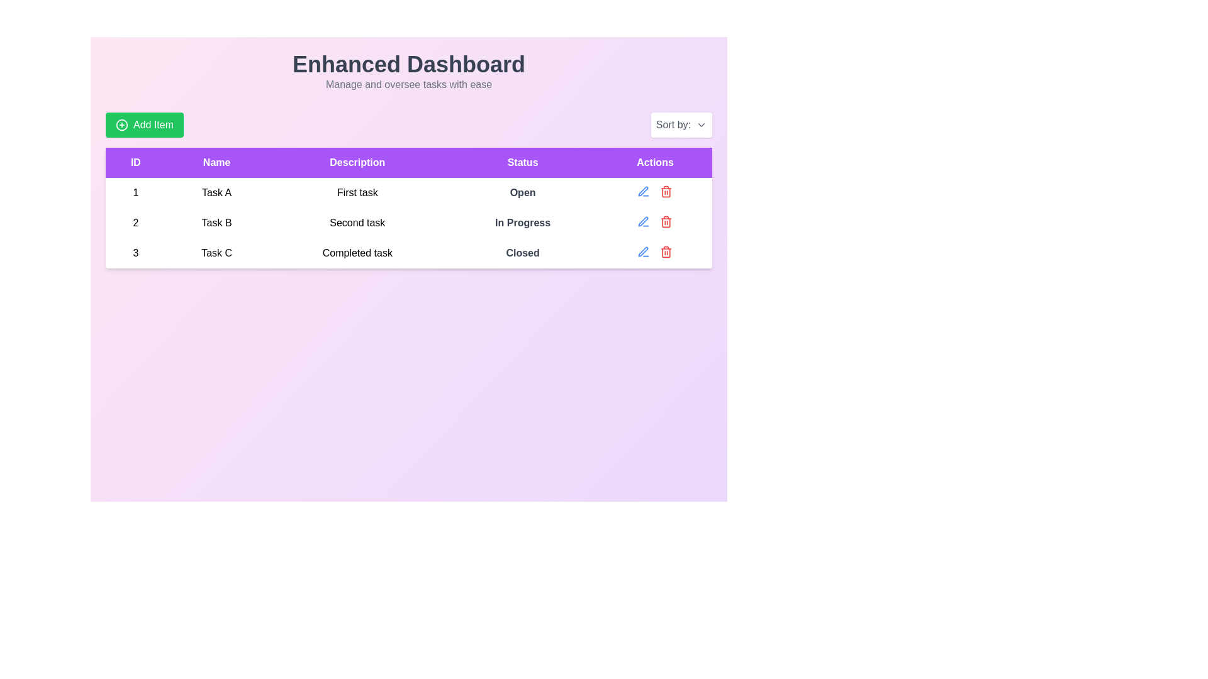  Describe the element at coordinates (136, 162) in the screenshot. I see `the text label indicating unique IDs for the first column of the table, located in the top-left corner of the header row` at that location.